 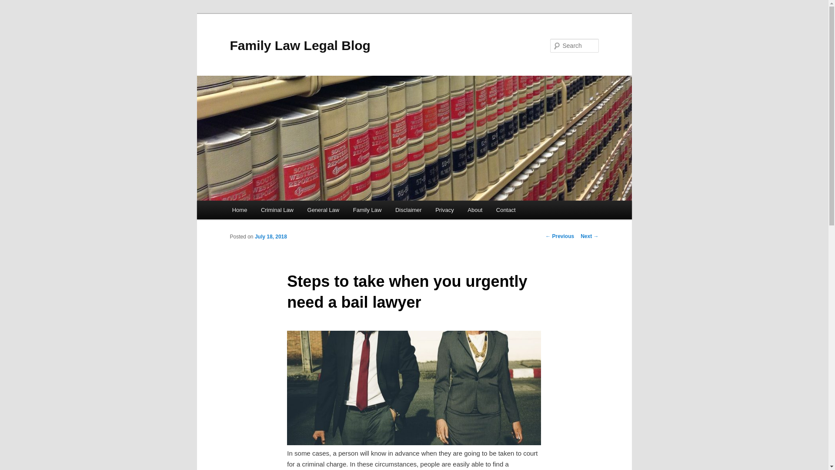 I want to click on 'Privacy', so click(x=444, y=210).